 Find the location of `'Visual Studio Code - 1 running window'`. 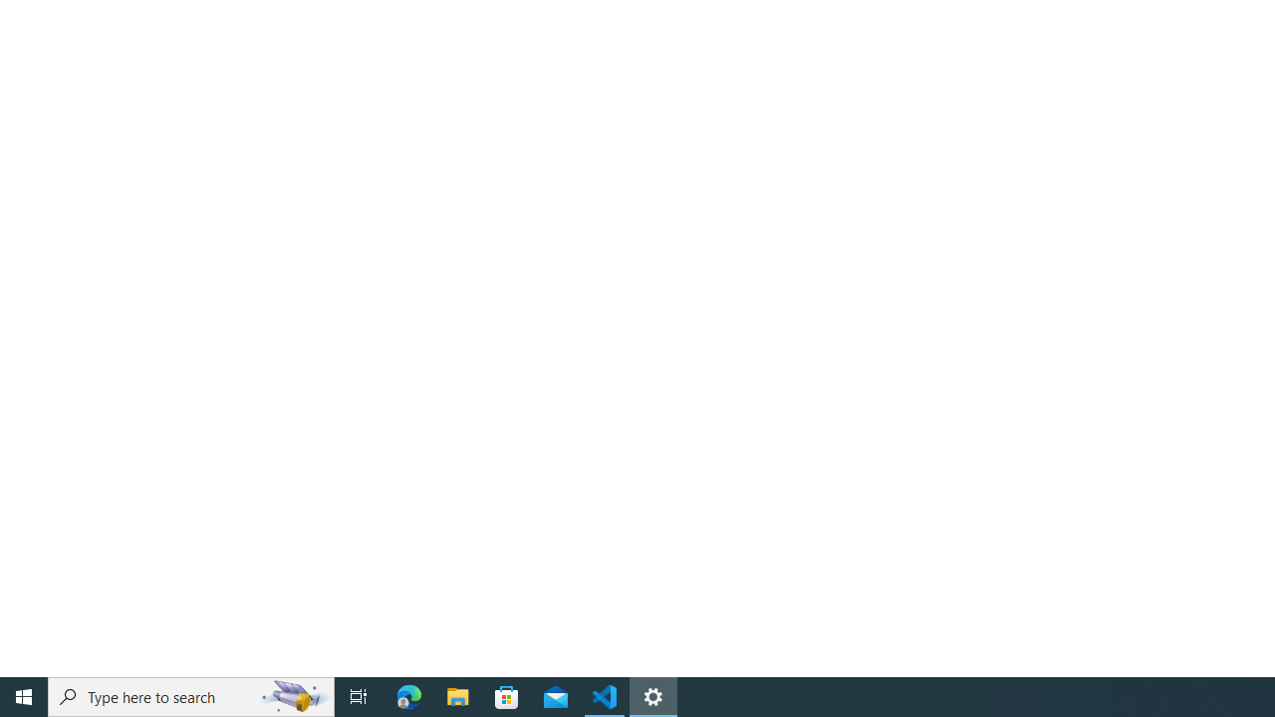

'Visual Studio Code - 1 running window' is located at coordinates (604, 695).